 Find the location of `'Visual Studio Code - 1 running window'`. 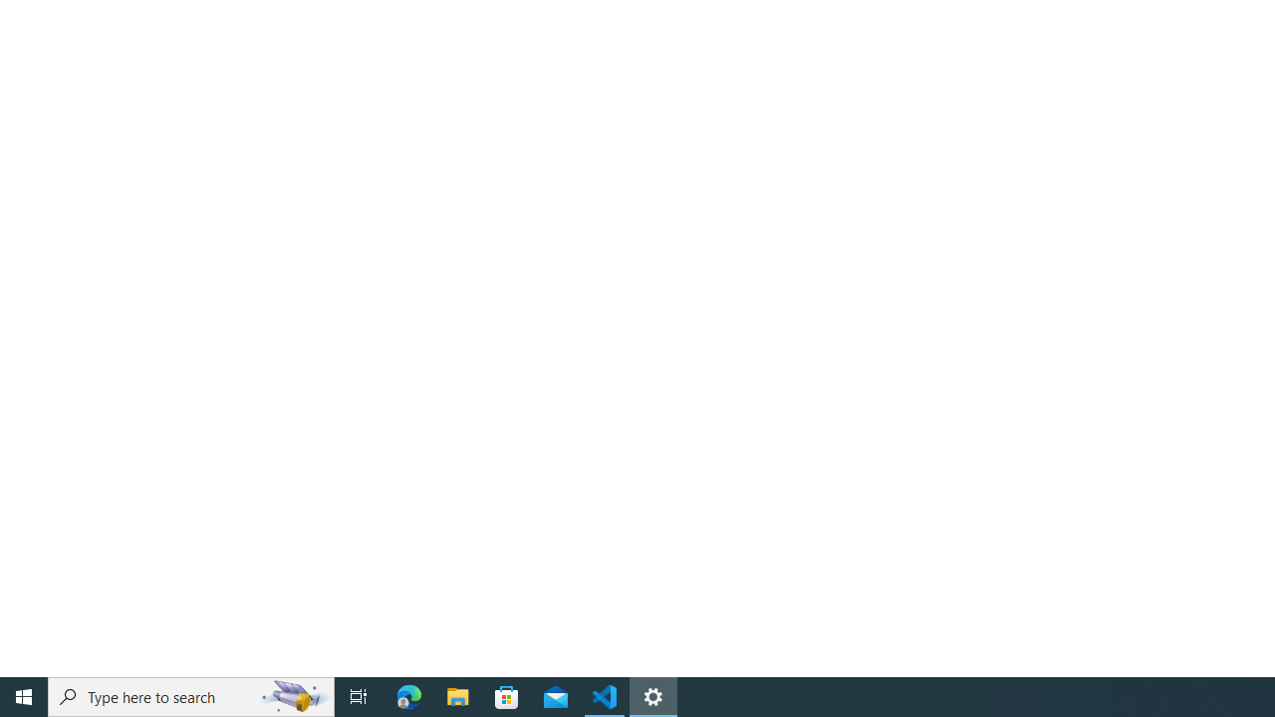

'Visual Studio Code - 1 running window' is located at coordinates (604, 695).